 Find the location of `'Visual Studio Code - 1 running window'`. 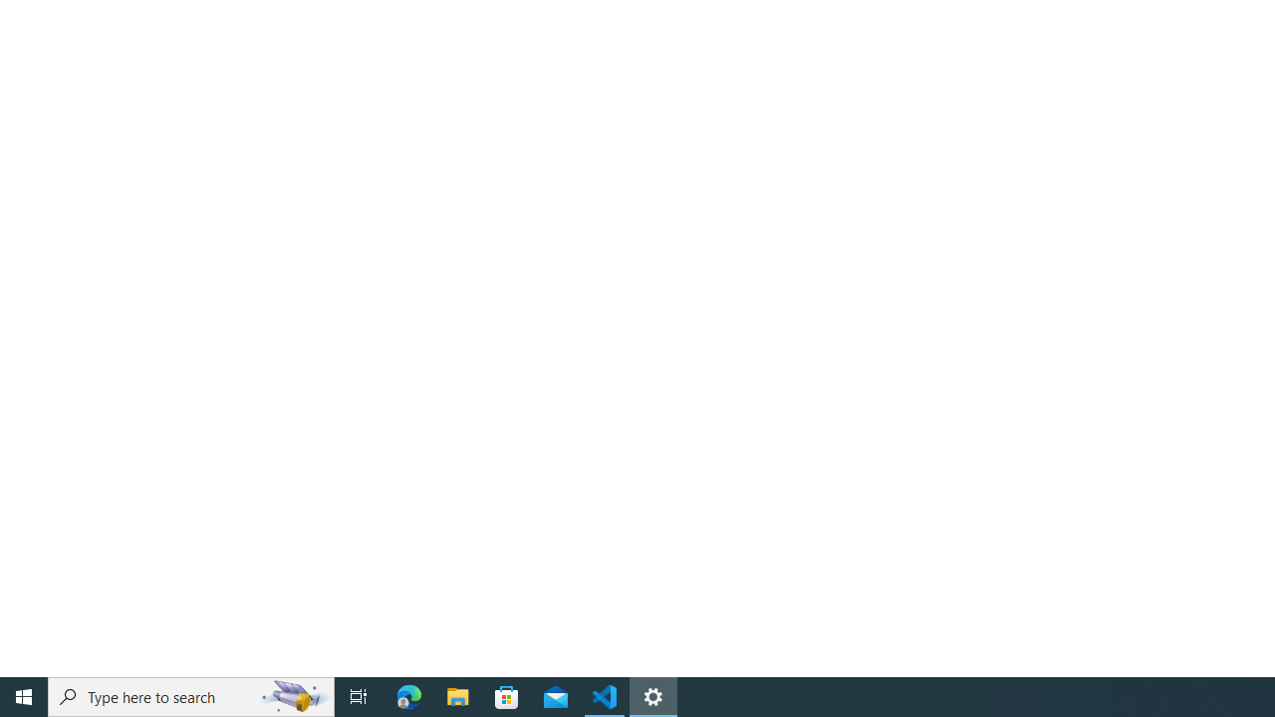

'Visual Studio Code - 1 running window' is located at coordinates (604, 695).